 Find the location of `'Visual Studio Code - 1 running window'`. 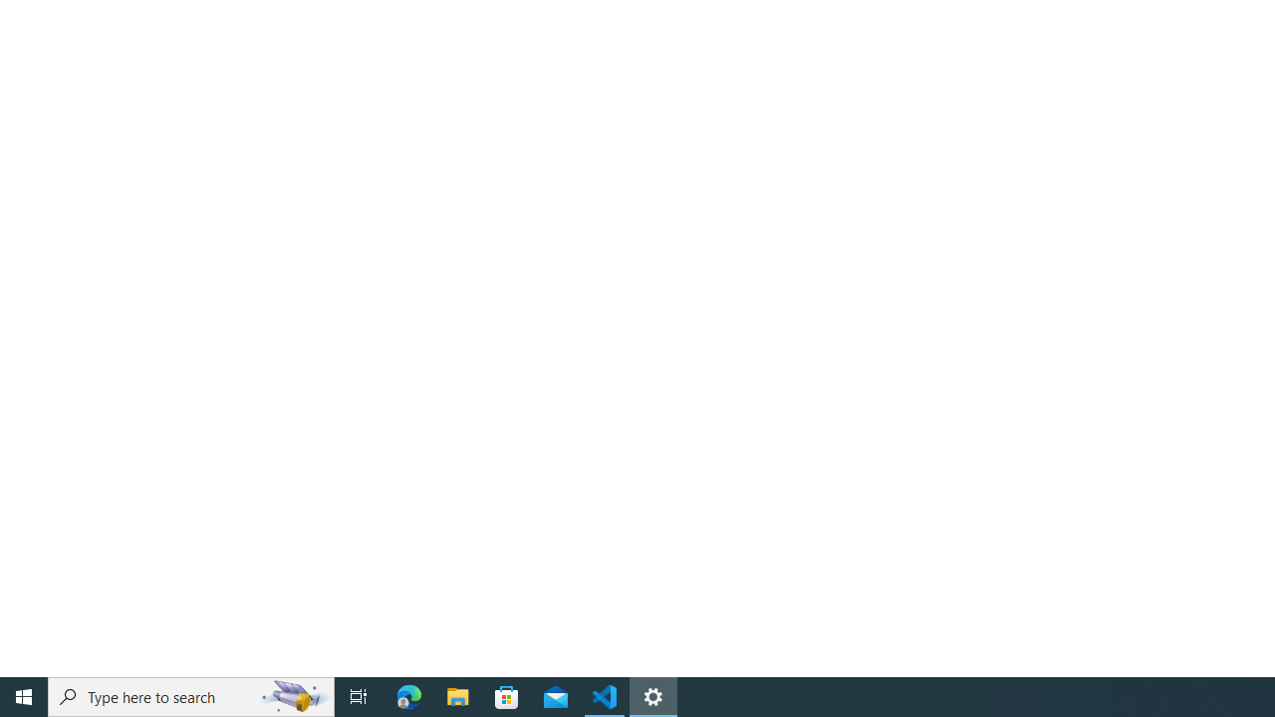

'Visual Studio Code - 1 running window' is located at coordinates (604, 695).